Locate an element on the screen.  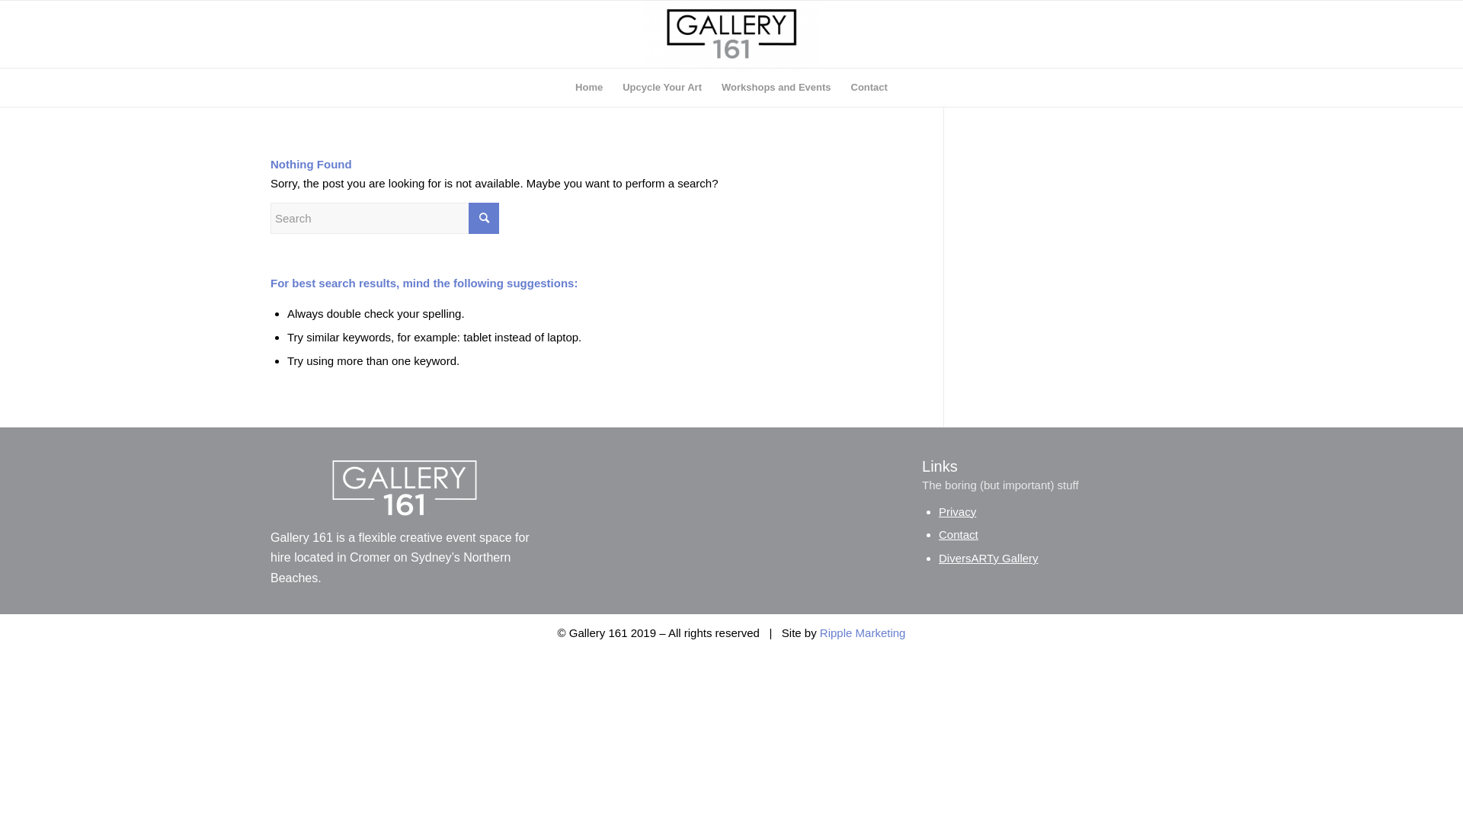
'Workshops and Events' is located at coordinates (711, 88).